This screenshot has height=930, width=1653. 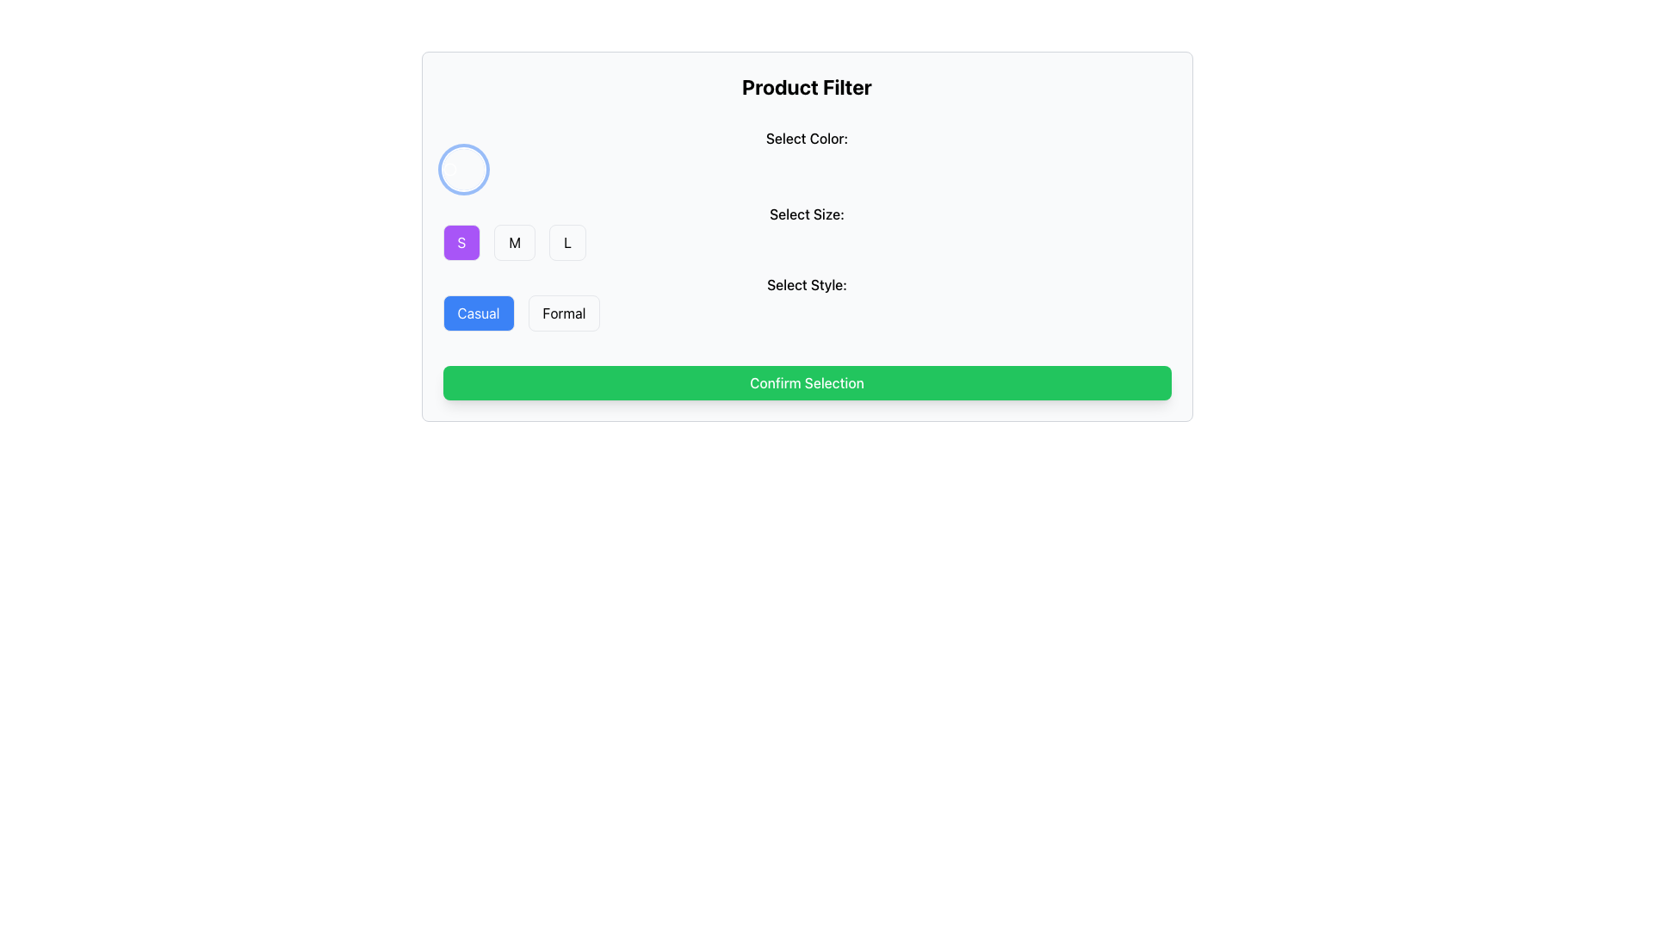 I want to click on the leftmost size selection button labeled 'S' in the 'Select Size' section, so click(x=461, y=242).